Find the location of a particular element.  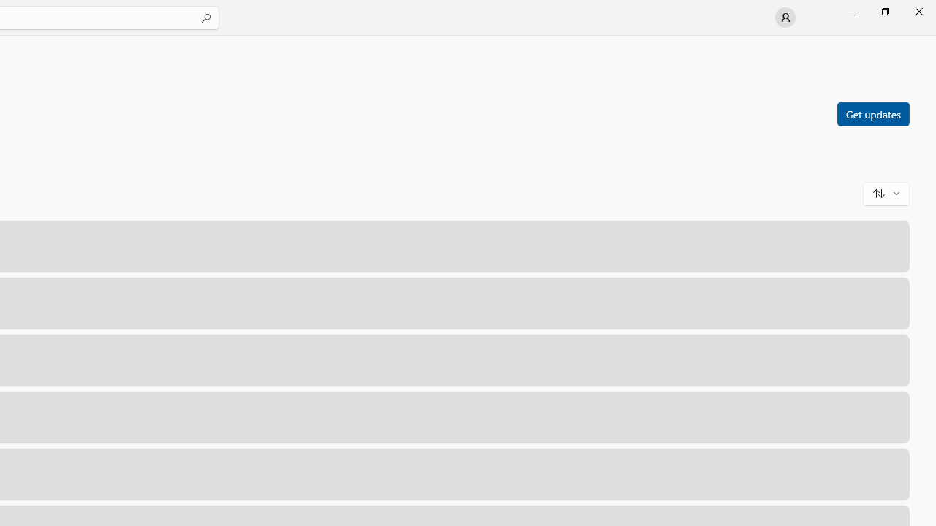

'Get updates' is located at coordinates (872, 113).